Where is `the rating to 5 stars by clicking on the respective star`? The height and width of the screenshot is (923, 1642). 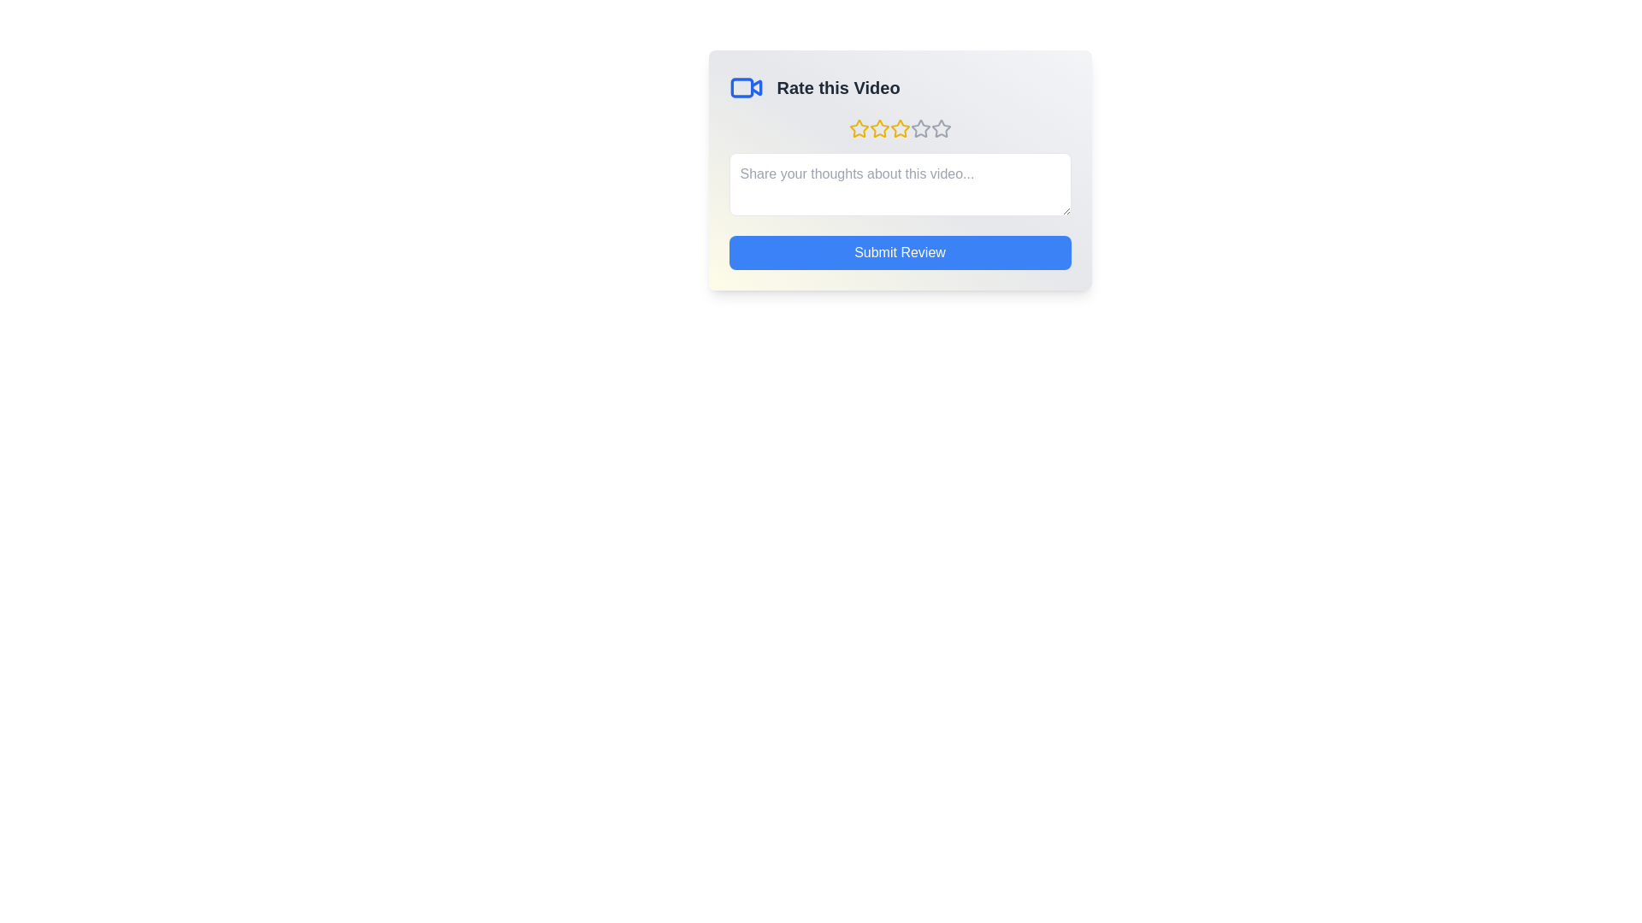 the rating to 5 stars by clicking on the respective star is located at coordinates (940, 127).